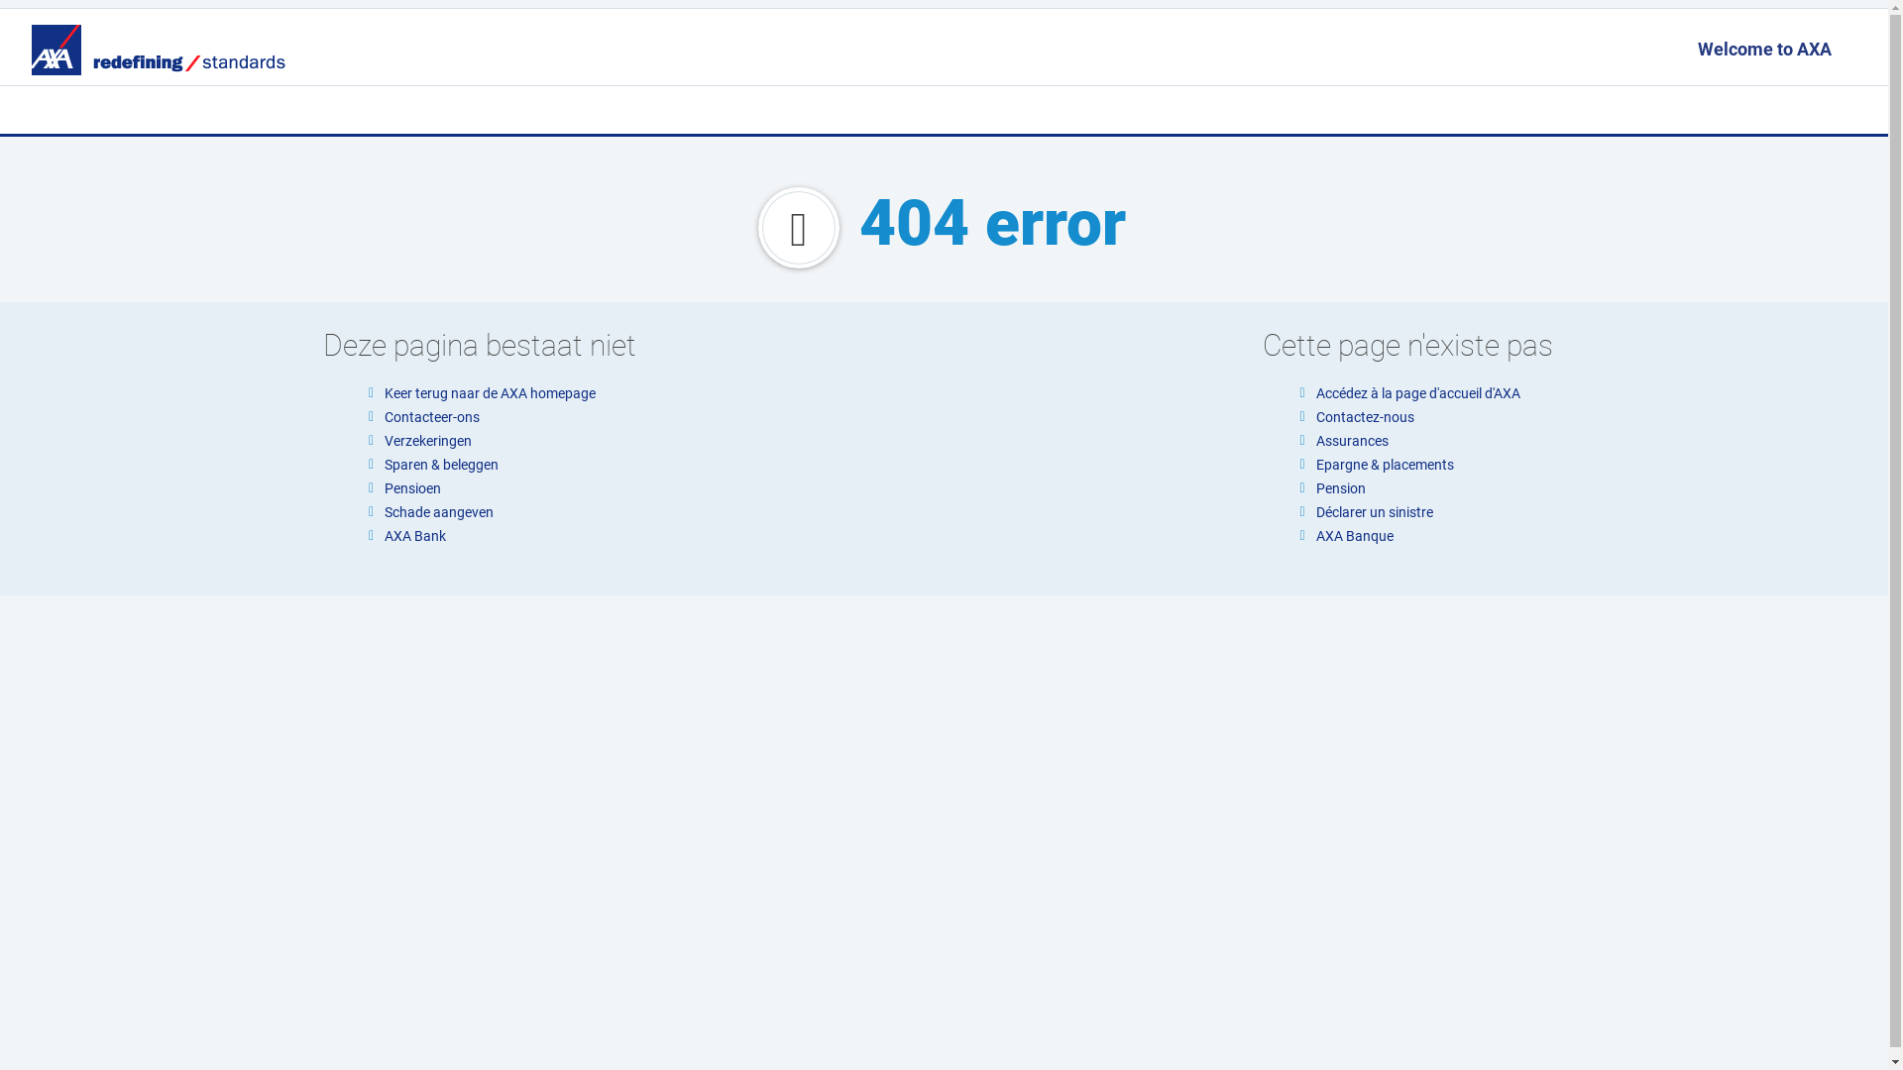  Describe the element at coordinates (1354, 535) in the screenshot. I see `'AXA Banque'` at that location.